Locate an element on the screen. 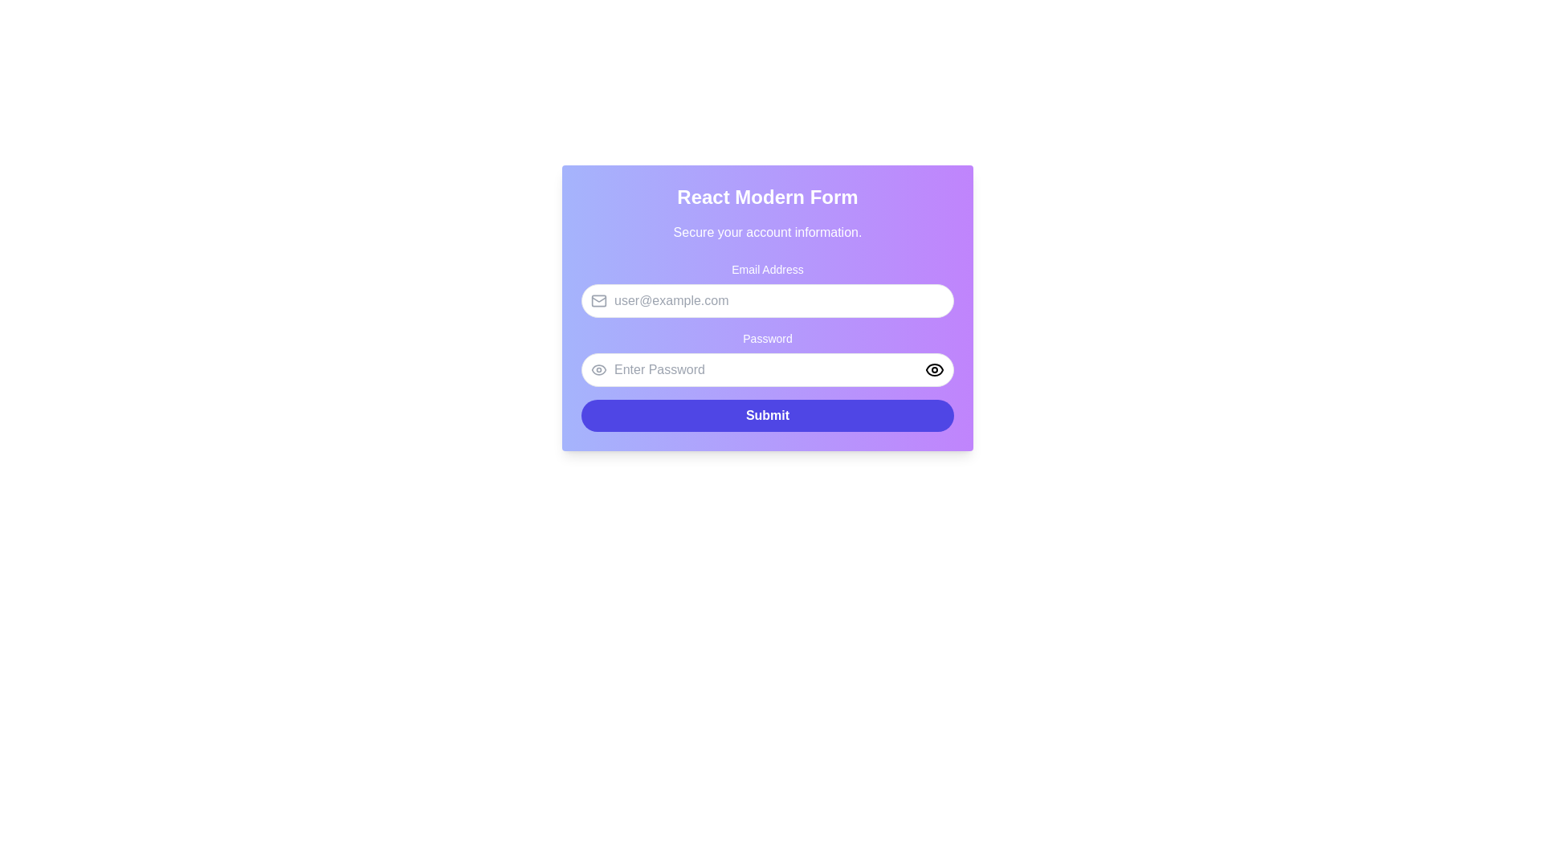 Image resolution: width=1542 pixels, height=867 pixels. the 'Email Address' text label, which is styled with white font color and is positioned above the email input field at the top-center of the form layout is located at coordinates (766, 268).